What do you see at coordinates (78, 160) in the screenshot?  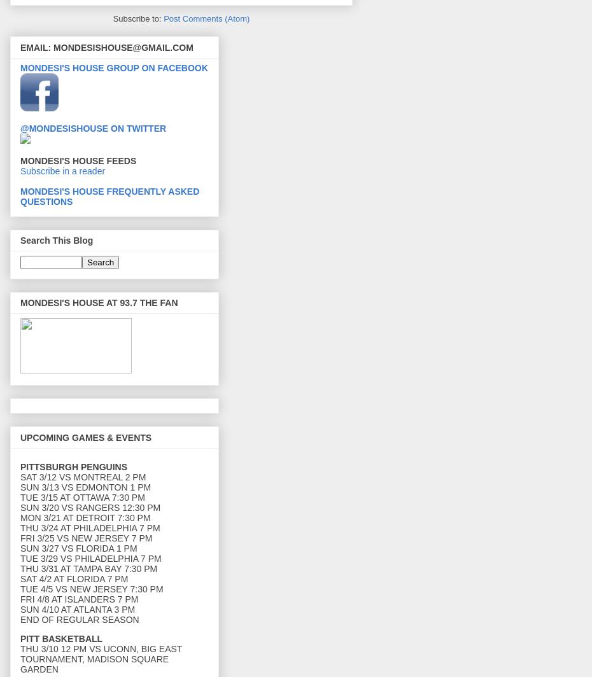 I see `'MONDESI'S HOUSE FEEDS'` at bounding box center [78, 160].